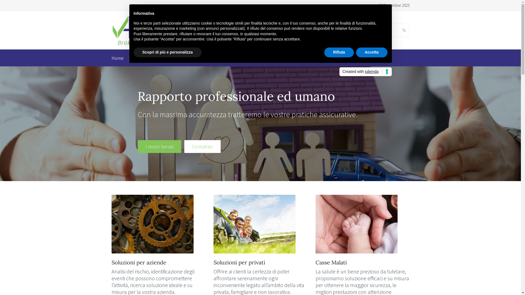  What do you see at coordinates (144, 58) in the screenshot?
I see `'Chi siamo'` at bounding box center [144, 58].